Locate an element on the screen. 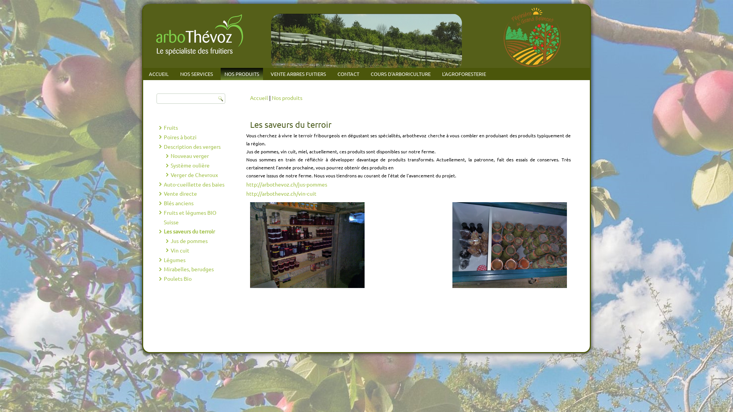 The image size is (733, 412). 'Vin cuit' is located at coordinates (170, 250).